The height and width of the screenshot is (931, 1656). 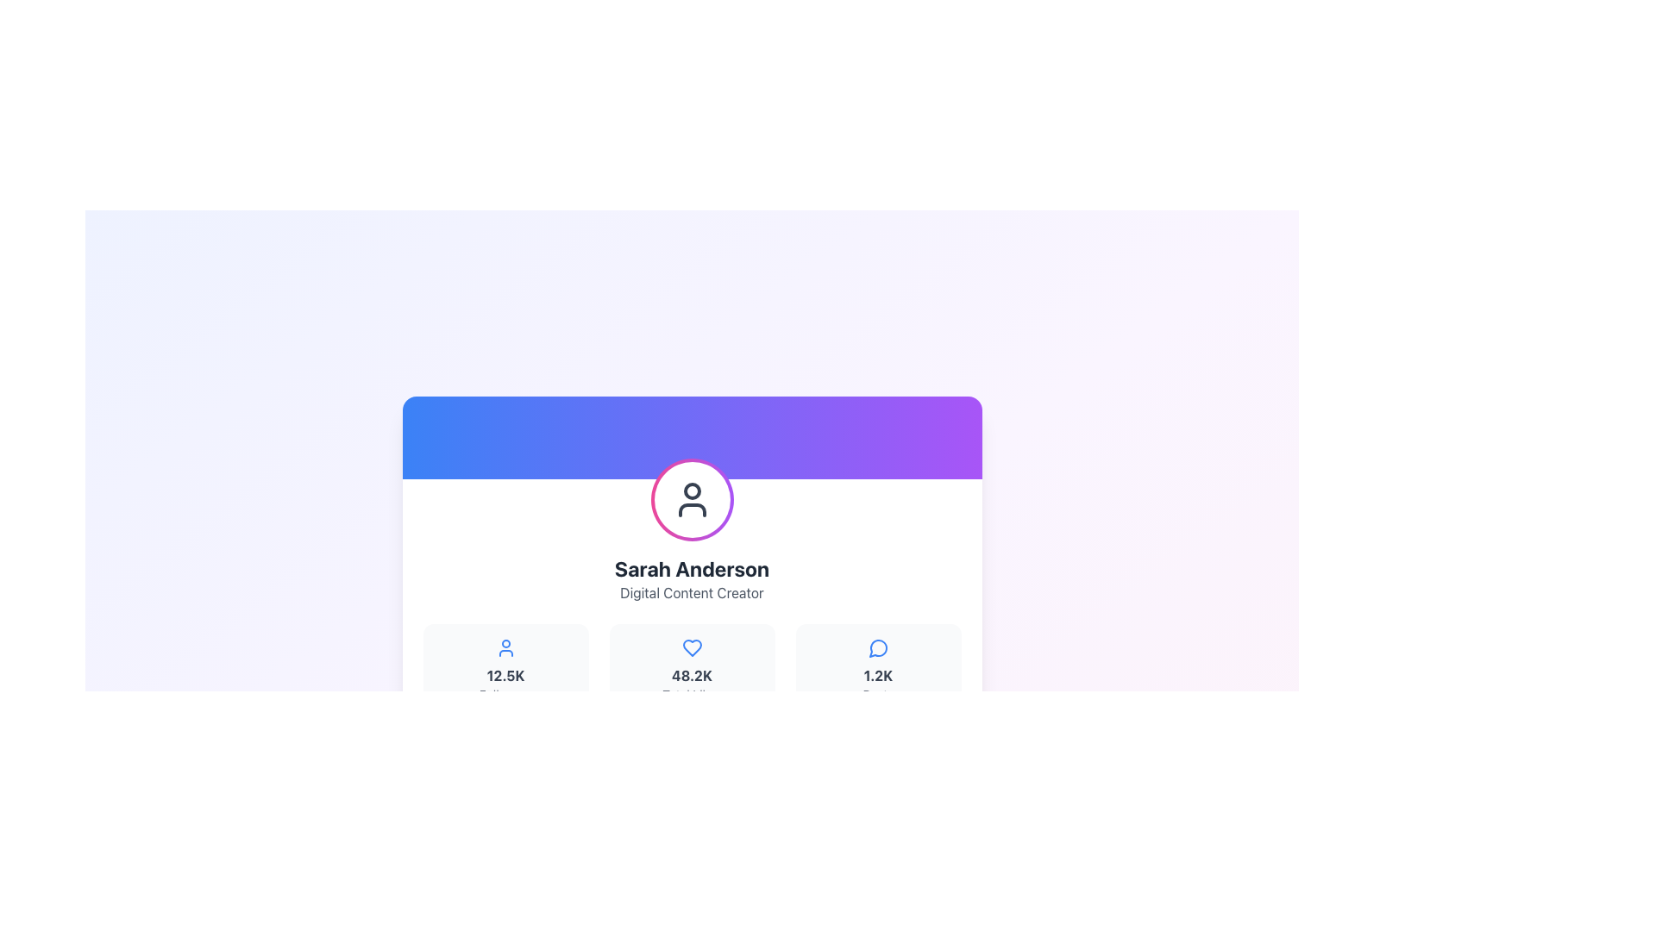 What do you see at coordinates (692, 491) in the screenshot?
I see `the small circular SVG Circle Element that represents the head in the user profile icon, located above the text 'Sarah Anderson' and 'Digital Content Creator.'` at bounding box center [692, 491].